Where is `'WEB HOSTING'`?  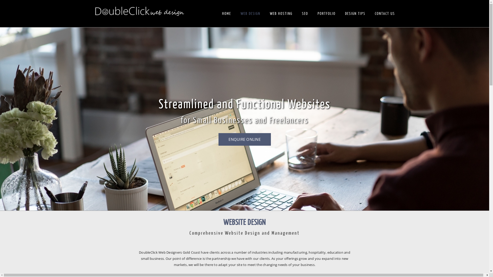
'WEB HOSTING' is located at coordinates (281, 14).